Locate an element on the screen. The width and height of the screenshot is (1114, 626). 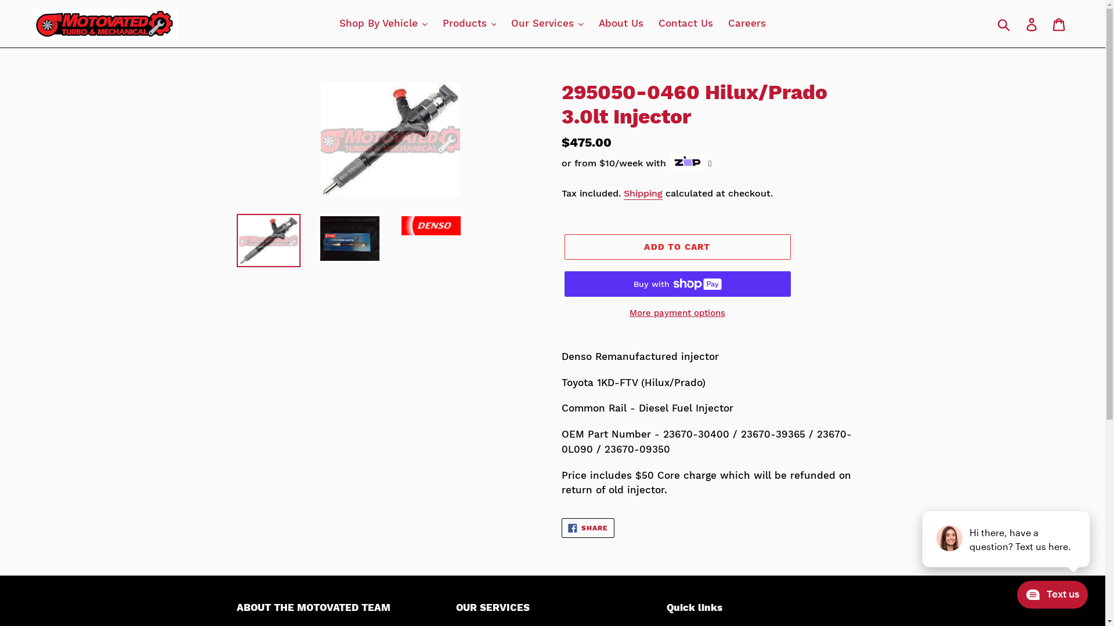
'Log in' is located at coordinates (1032, 24).